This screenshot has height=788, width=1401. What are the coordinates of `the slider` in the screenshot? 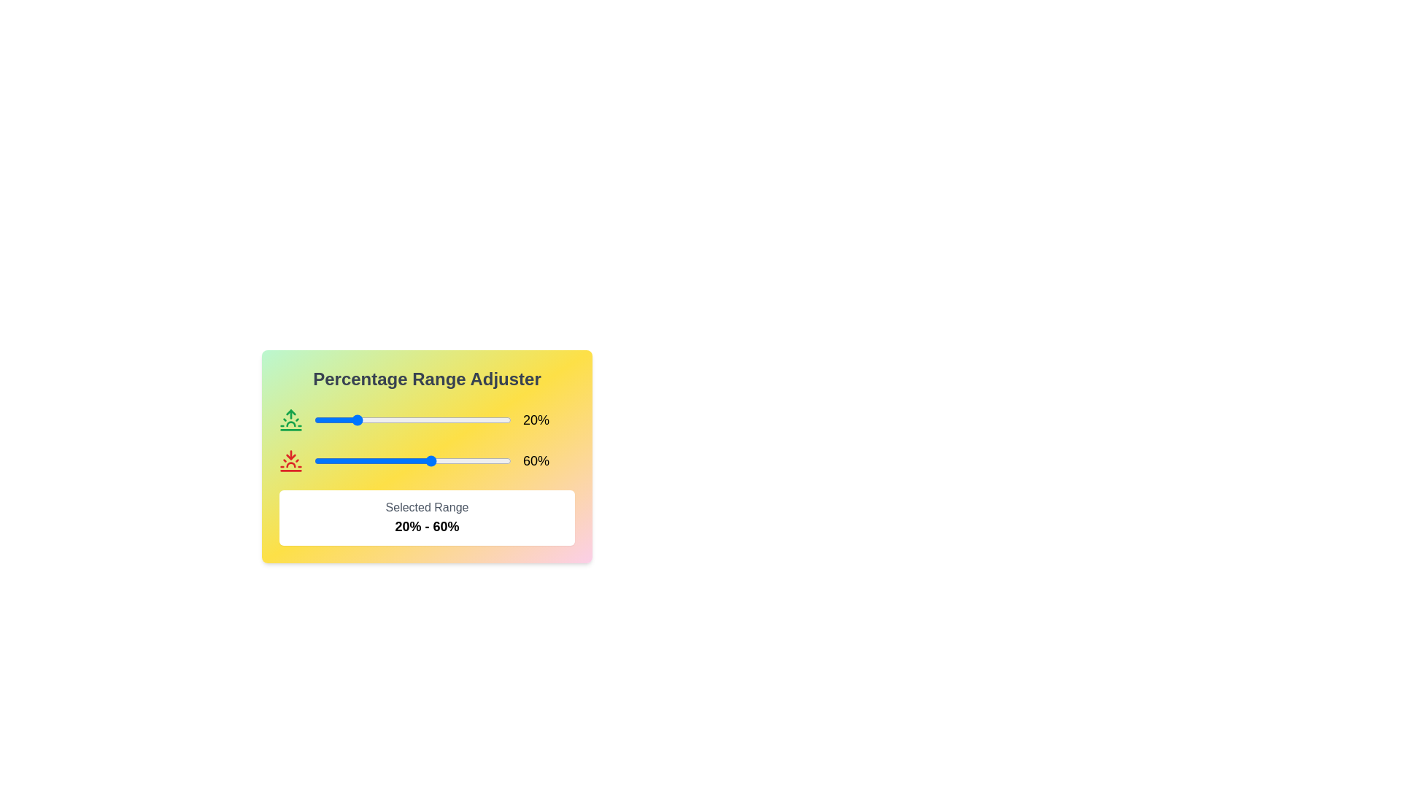 It's located at (363, 420).